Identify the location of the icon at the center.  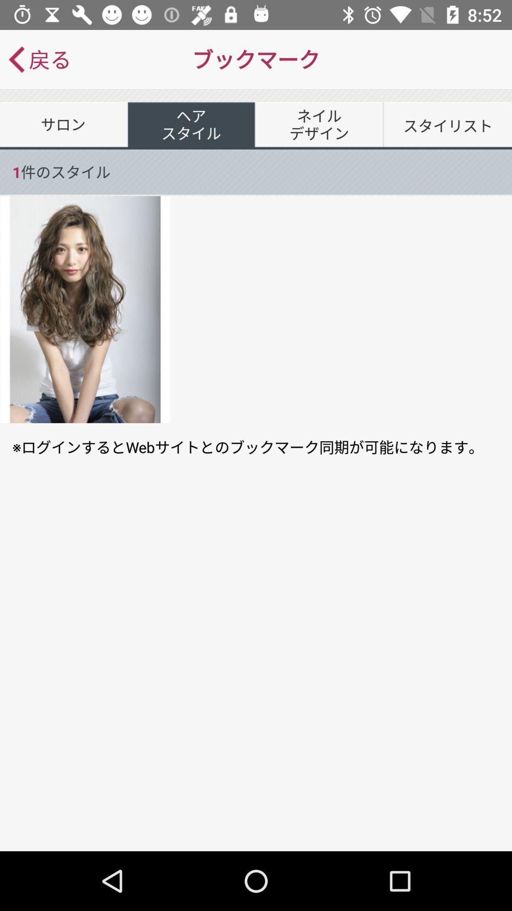
(256, 446).